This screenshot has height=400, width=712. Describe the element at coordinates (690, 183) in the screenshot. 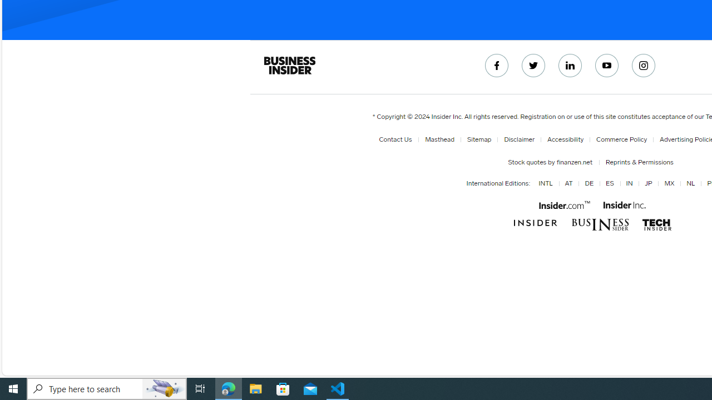

I see `'NL'` at that location.